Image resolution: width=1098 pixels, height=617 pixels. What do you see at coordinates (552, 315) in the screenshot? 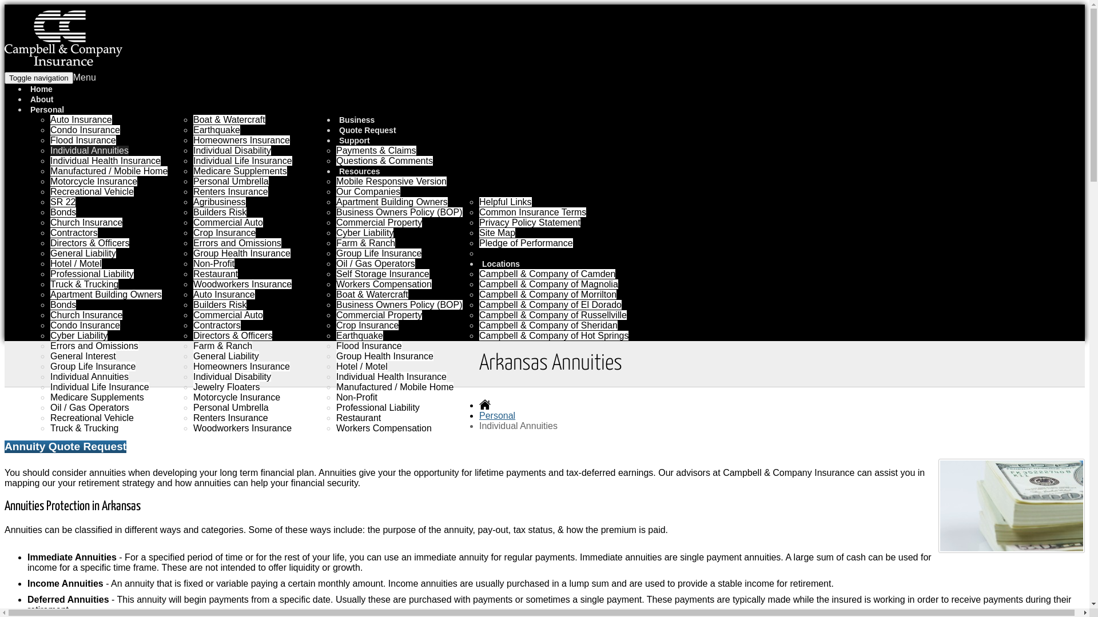
I see `'Campbell & Company of Russellville'` at bounding box center [552, 315].